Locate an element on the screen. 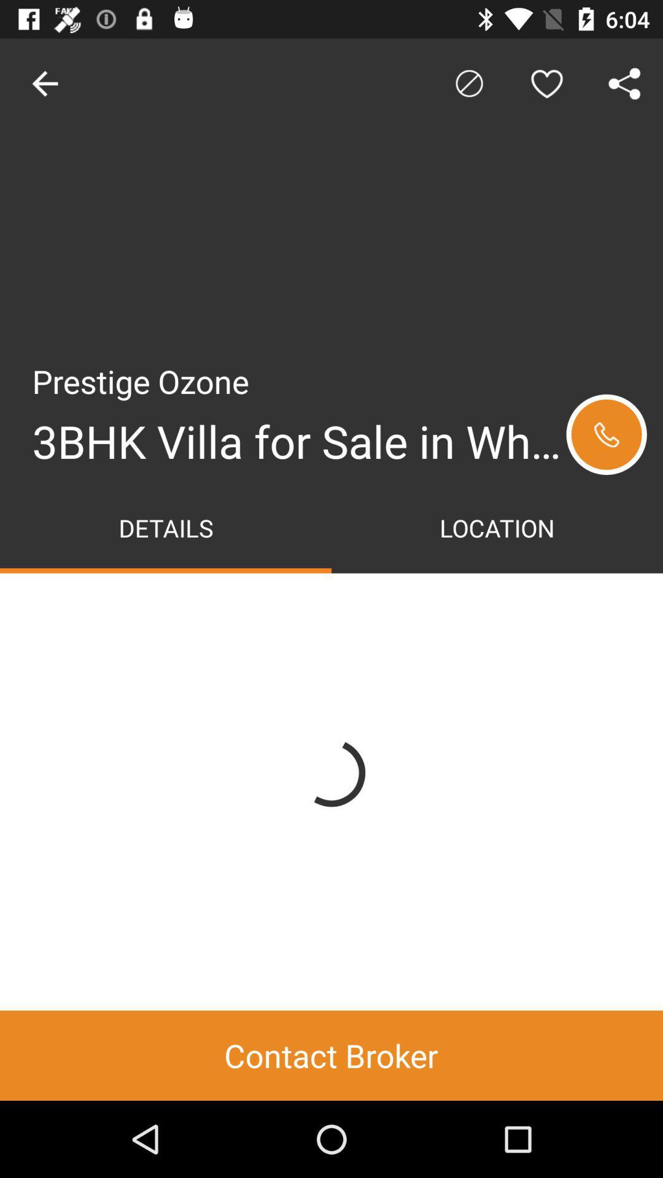 The width and height of the screenshot is (663, 1178). to go rtt is located at coordinates (606, 434).